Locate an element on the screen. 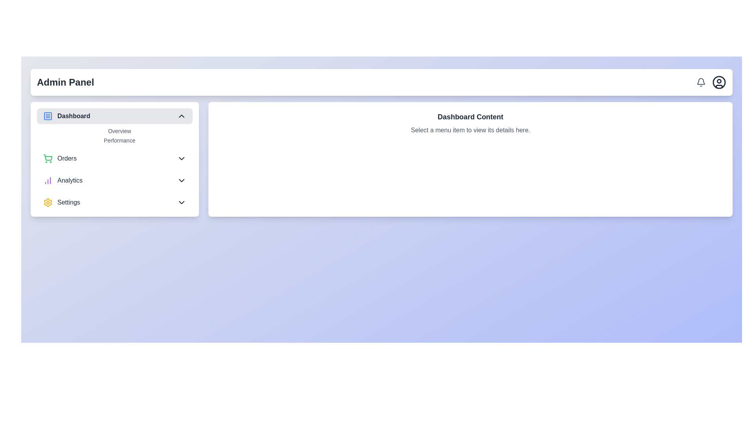  the settings icon located in the bottom left of the menu panel is located at coordinates (47, 202).